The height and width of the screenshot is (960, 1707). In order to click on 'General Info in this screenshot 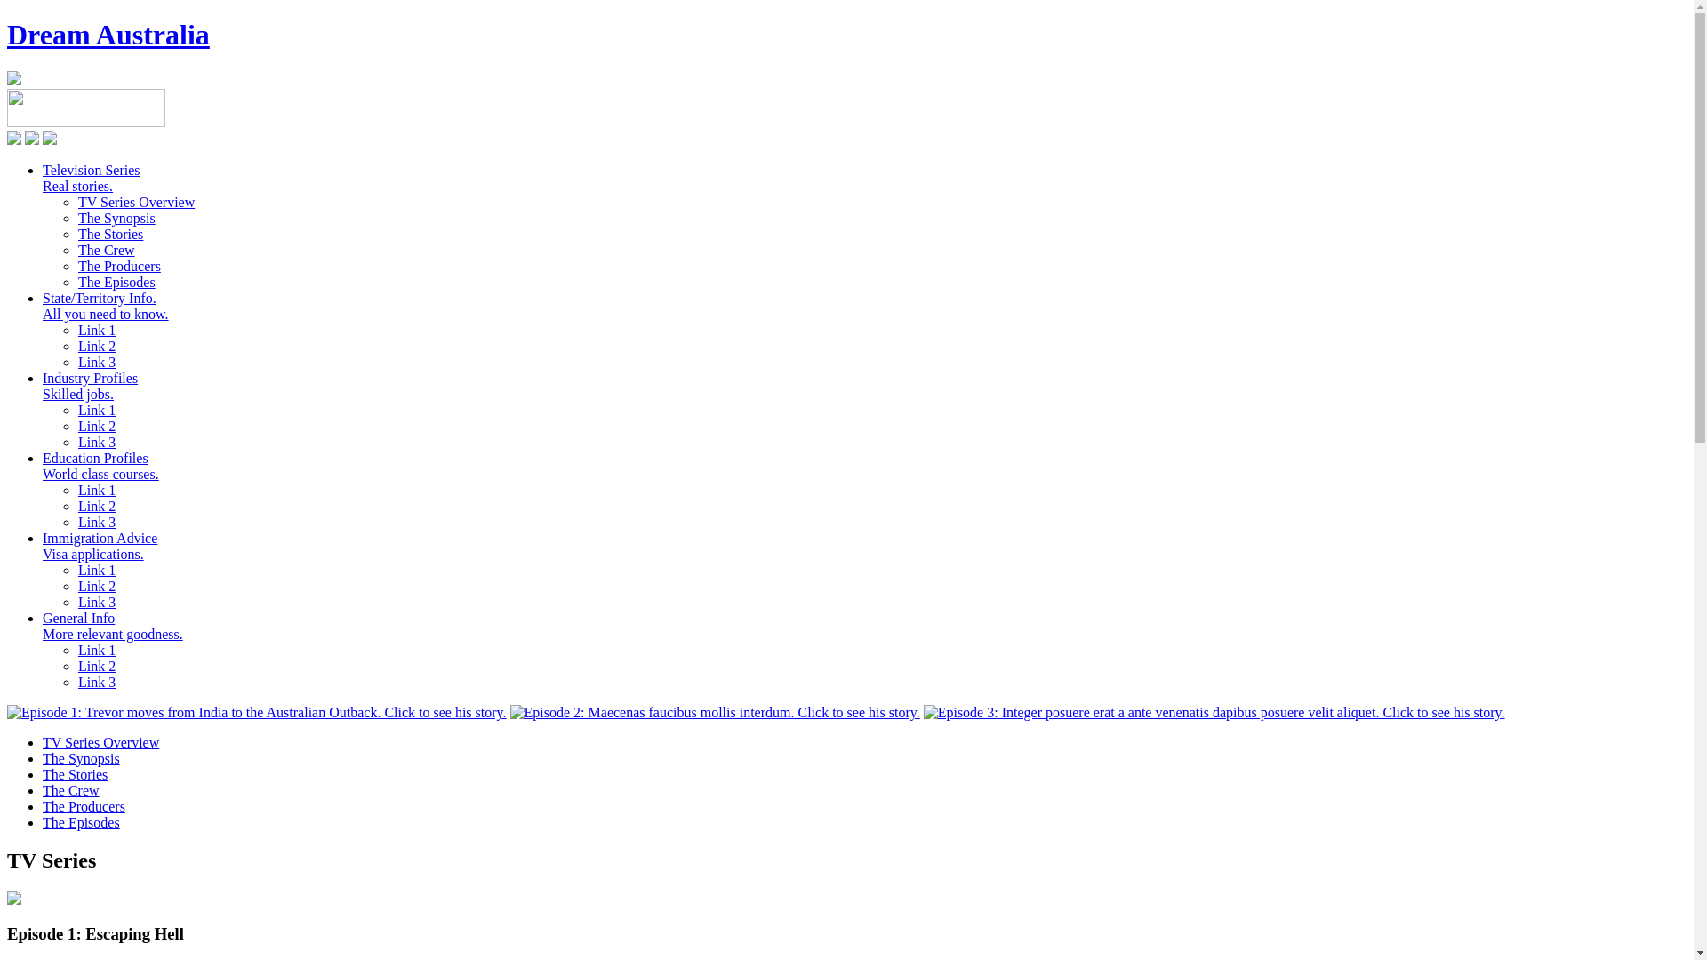, I will do `click(111, 625)`.